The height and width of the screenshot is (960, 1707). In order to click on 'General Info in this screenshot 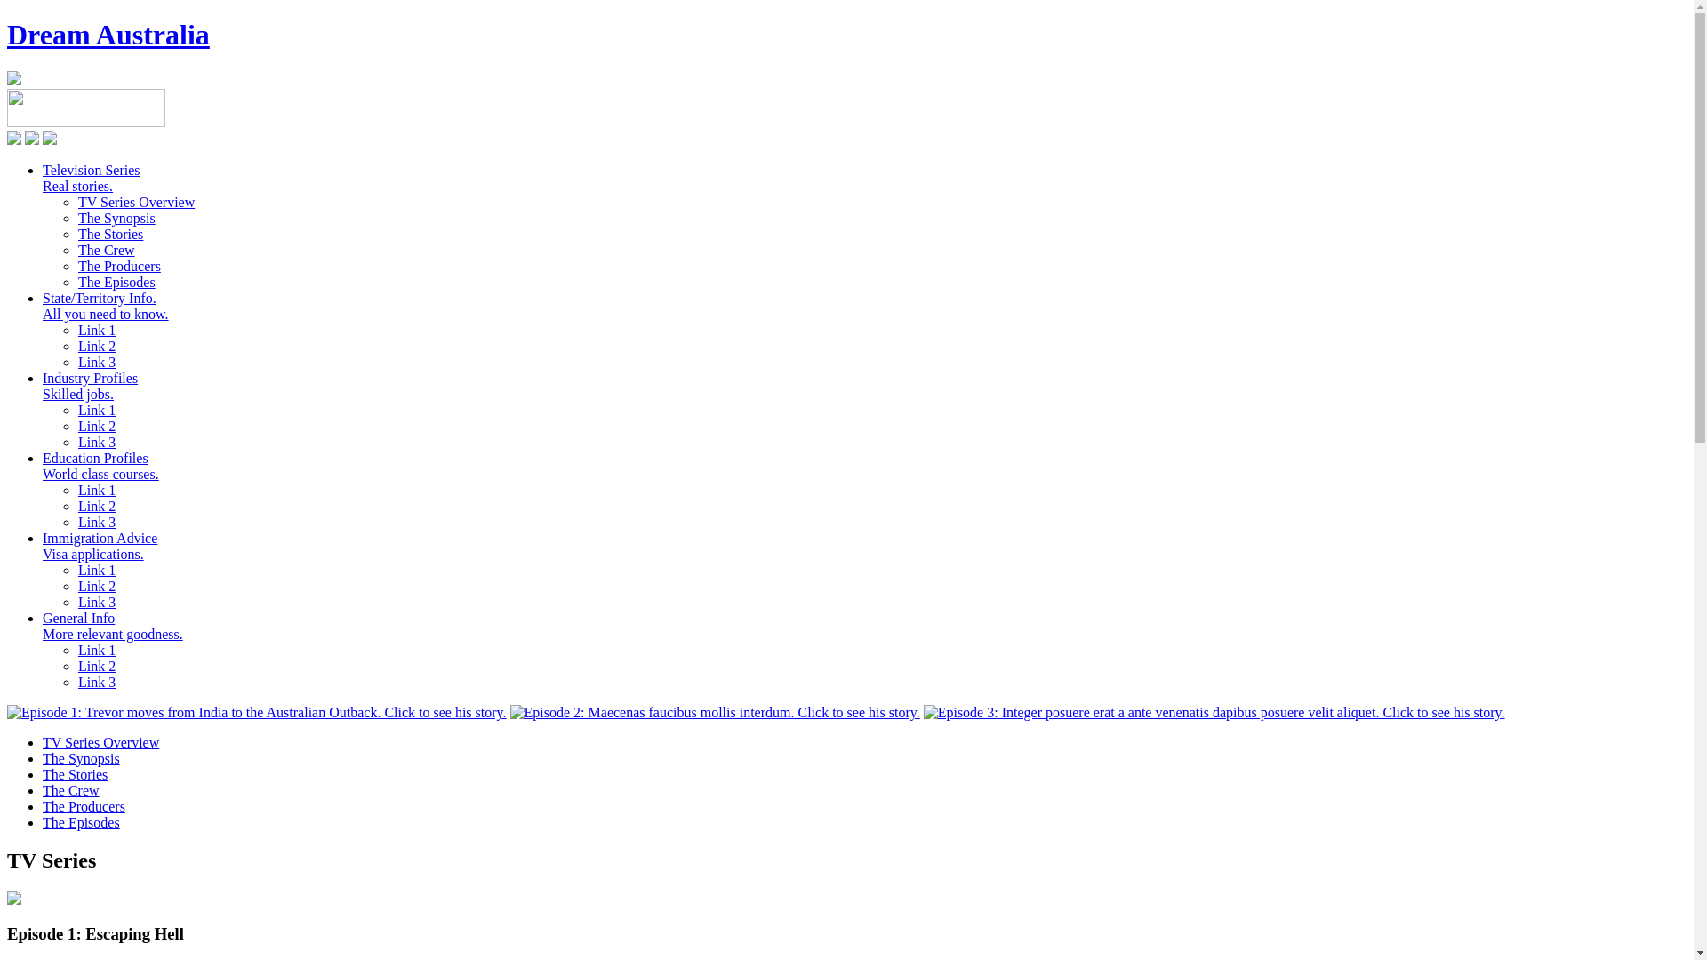, I will do `click(111, 625)`.